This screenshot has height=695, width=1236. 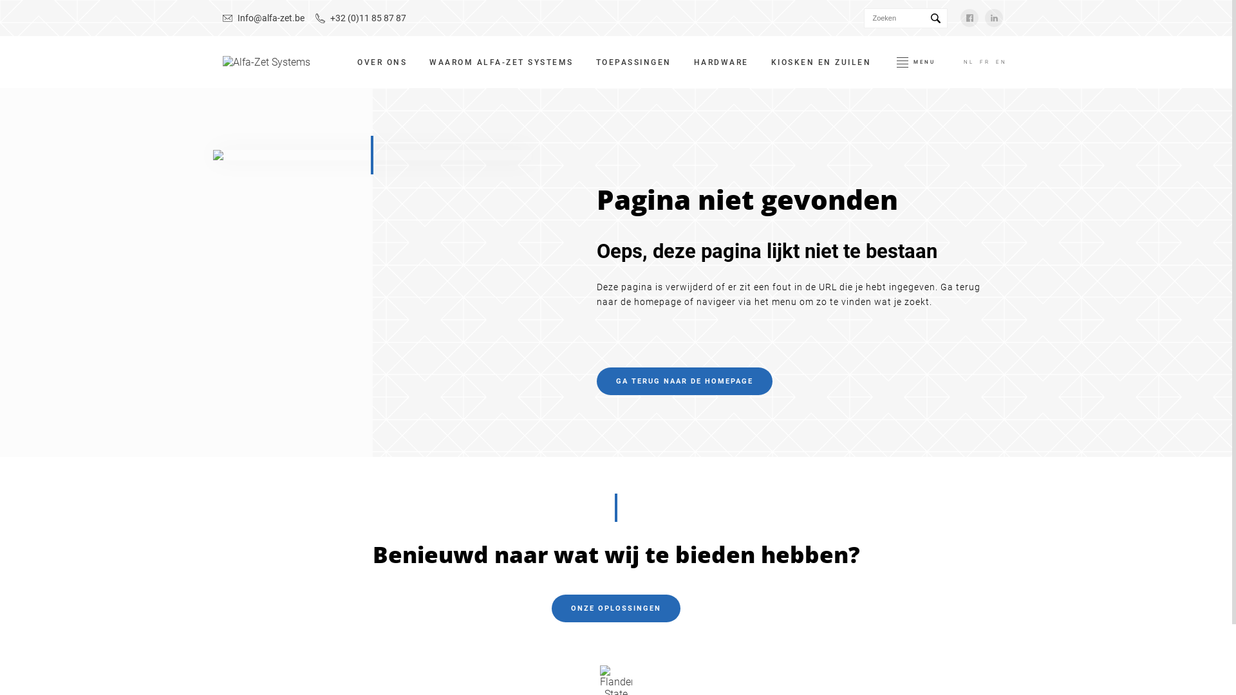 What do you see at coordinates (360, 17) in the screenshot?
I see `'+32 (0)11 85 87 87'` at bounding box center [360, 17].